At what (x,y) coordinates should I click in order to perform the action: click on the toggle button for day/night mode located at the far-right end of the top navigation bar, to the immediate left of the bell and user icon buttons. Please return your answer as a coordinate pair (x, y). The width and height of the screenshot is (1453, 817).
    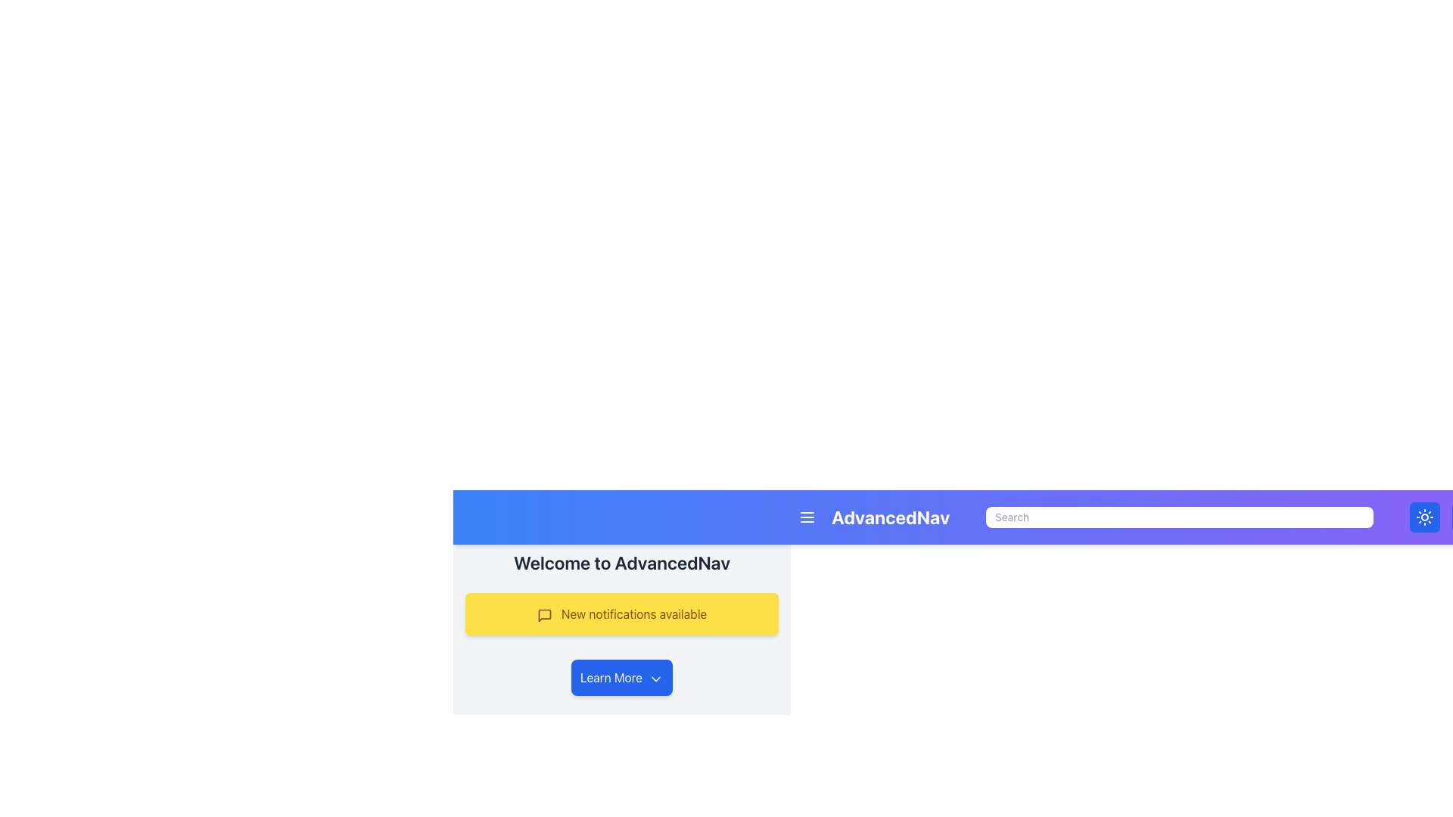
    Looking at the image, I should click on (1423, 516).